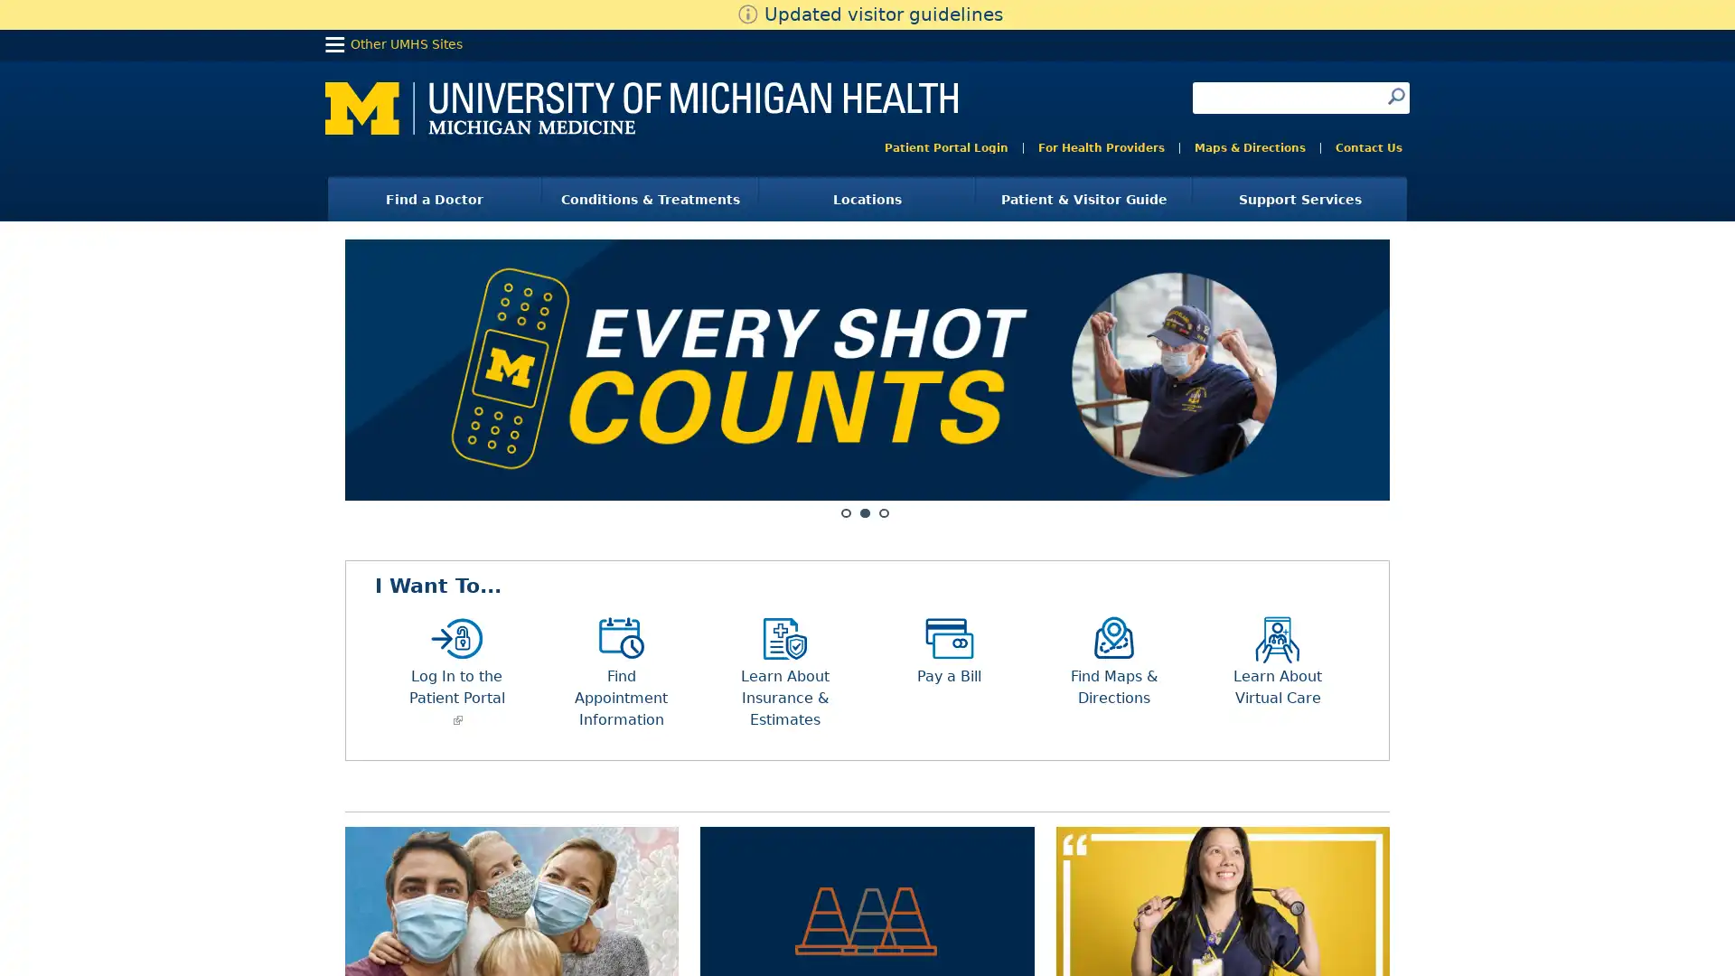 The image size is (1735, 976). Describe the element at coordinates (1395, 95) in the screenshot. I see `Search` at that location.